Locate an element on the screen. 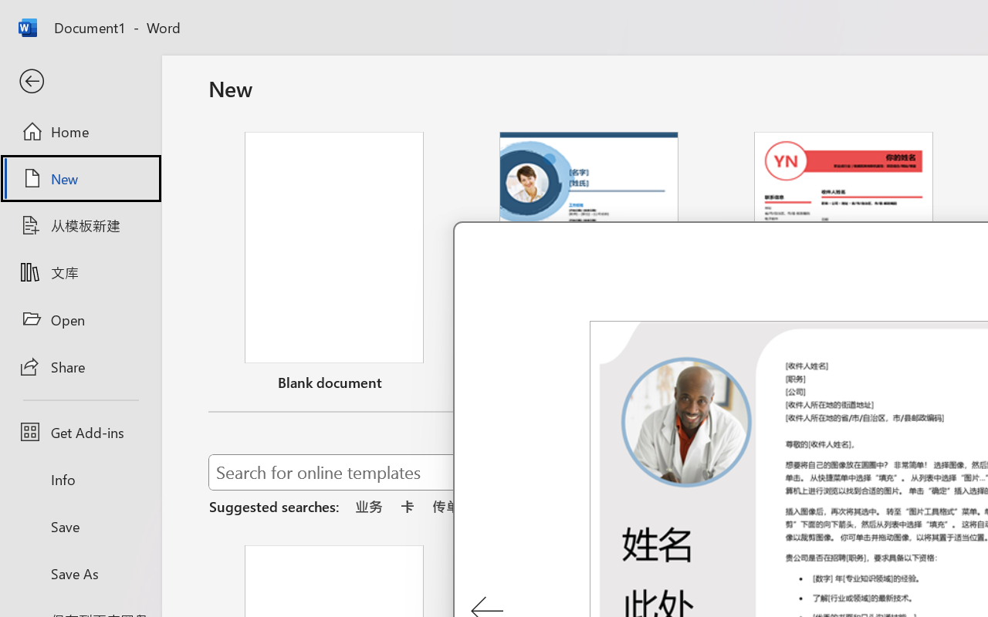 Image resolution: width=988 pixels, height=617 pixels. 'Info' is located at coordinates (80, 479).